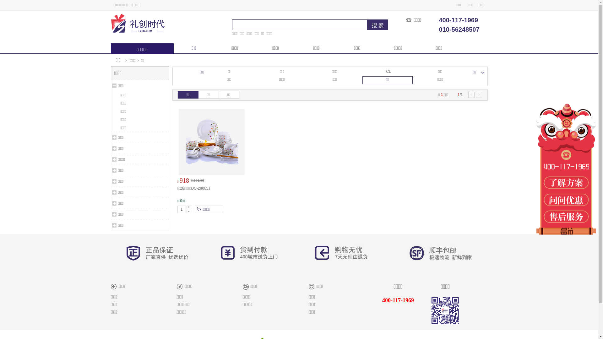 The width and height of the screenshot is (603, 339). What do you see at coordinates (188, 211) in the screenshot?
I see `'-'` at bounding box center [188, 211].